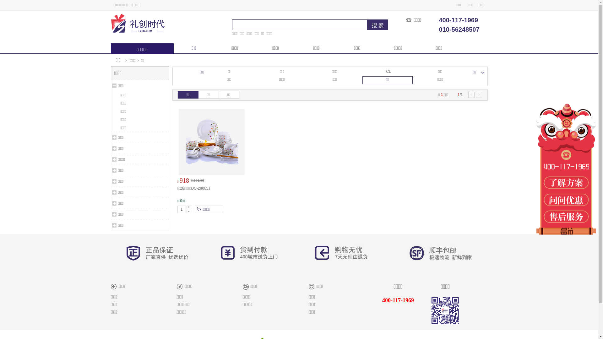 The width and height of the screenshot is (603, 339). What do you see at coordinates (188, 211) in the screenshot?
I see `'-'` at bounding box center [188, 211].